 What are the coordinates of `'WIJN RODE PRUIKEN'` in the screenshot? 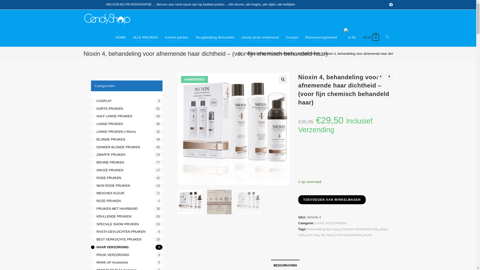 It's located at (127, 186).